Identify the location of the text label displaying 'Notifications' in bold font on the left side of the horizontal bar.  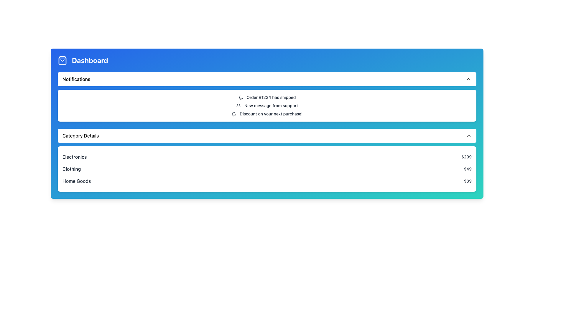
(76, 79).